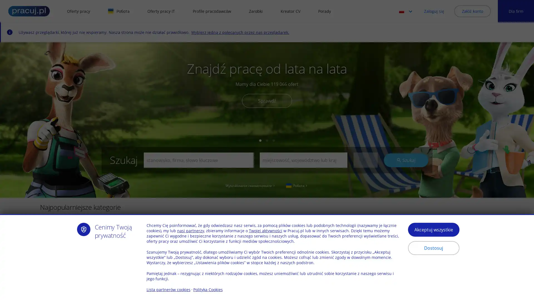 The width and height of the screenshot is (534, 300). I want to click on Dostosuj, so click(433, 248).